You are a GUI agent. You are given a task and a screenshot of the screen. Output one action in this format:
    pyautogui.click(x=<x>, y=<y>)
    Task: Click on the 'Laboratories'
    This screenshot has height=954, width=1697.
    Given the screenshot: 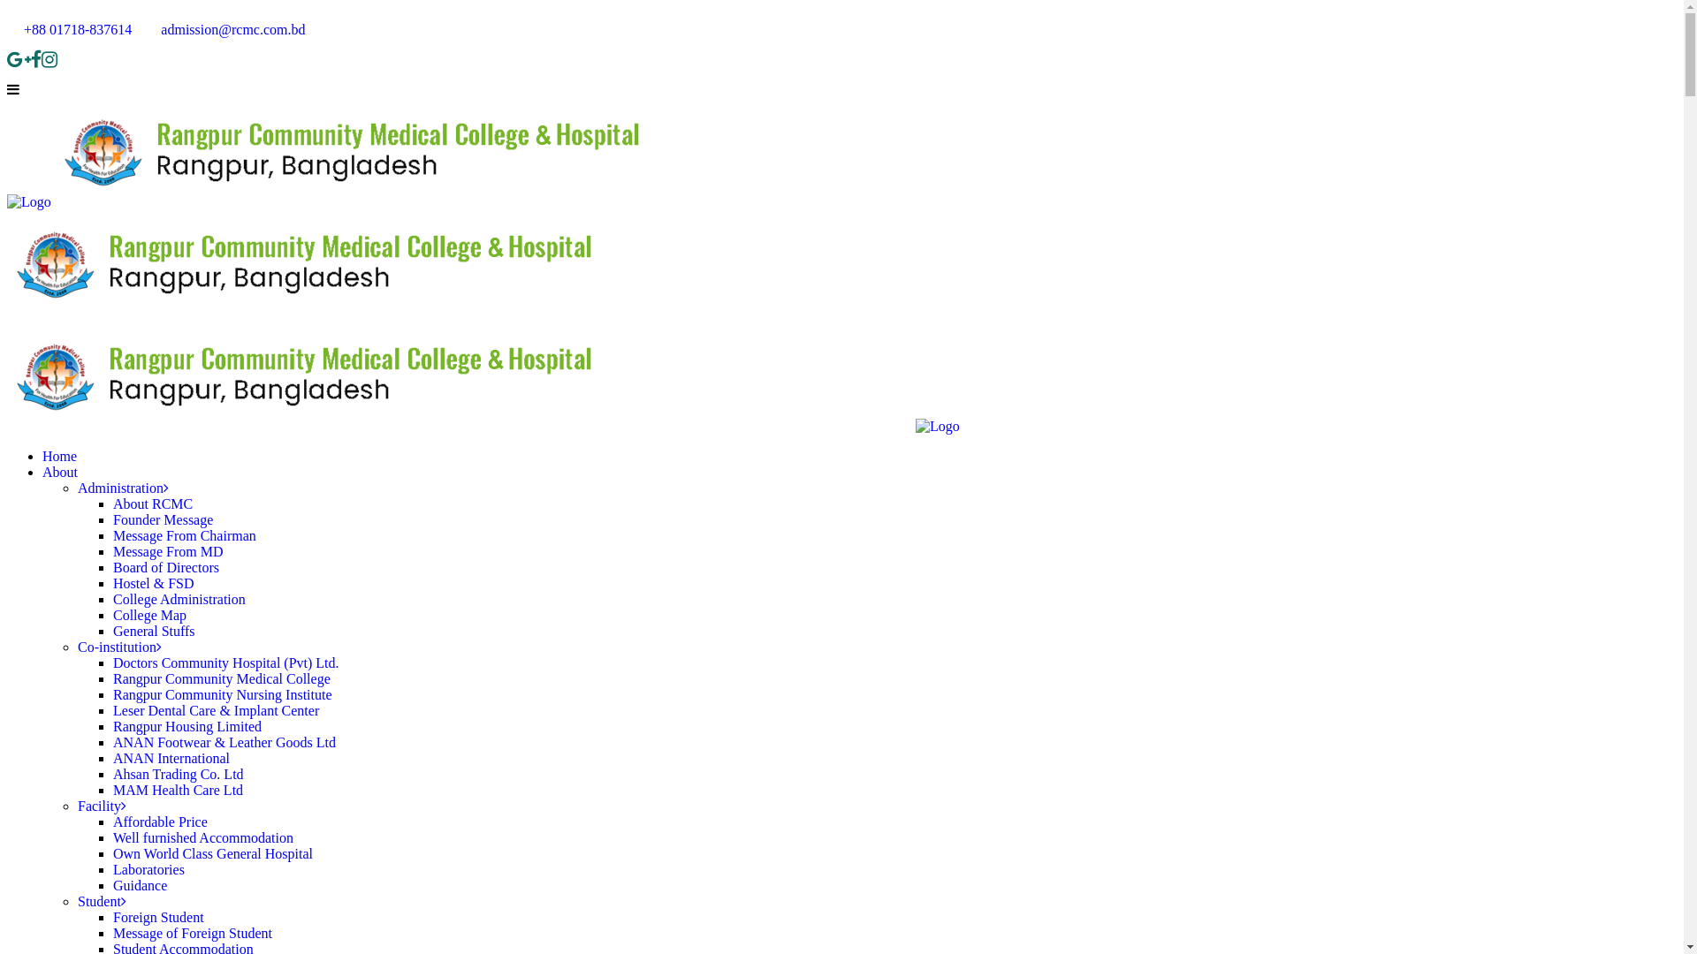 What is the action you would take?
    pyautogui.click(x=148, y=868)
    